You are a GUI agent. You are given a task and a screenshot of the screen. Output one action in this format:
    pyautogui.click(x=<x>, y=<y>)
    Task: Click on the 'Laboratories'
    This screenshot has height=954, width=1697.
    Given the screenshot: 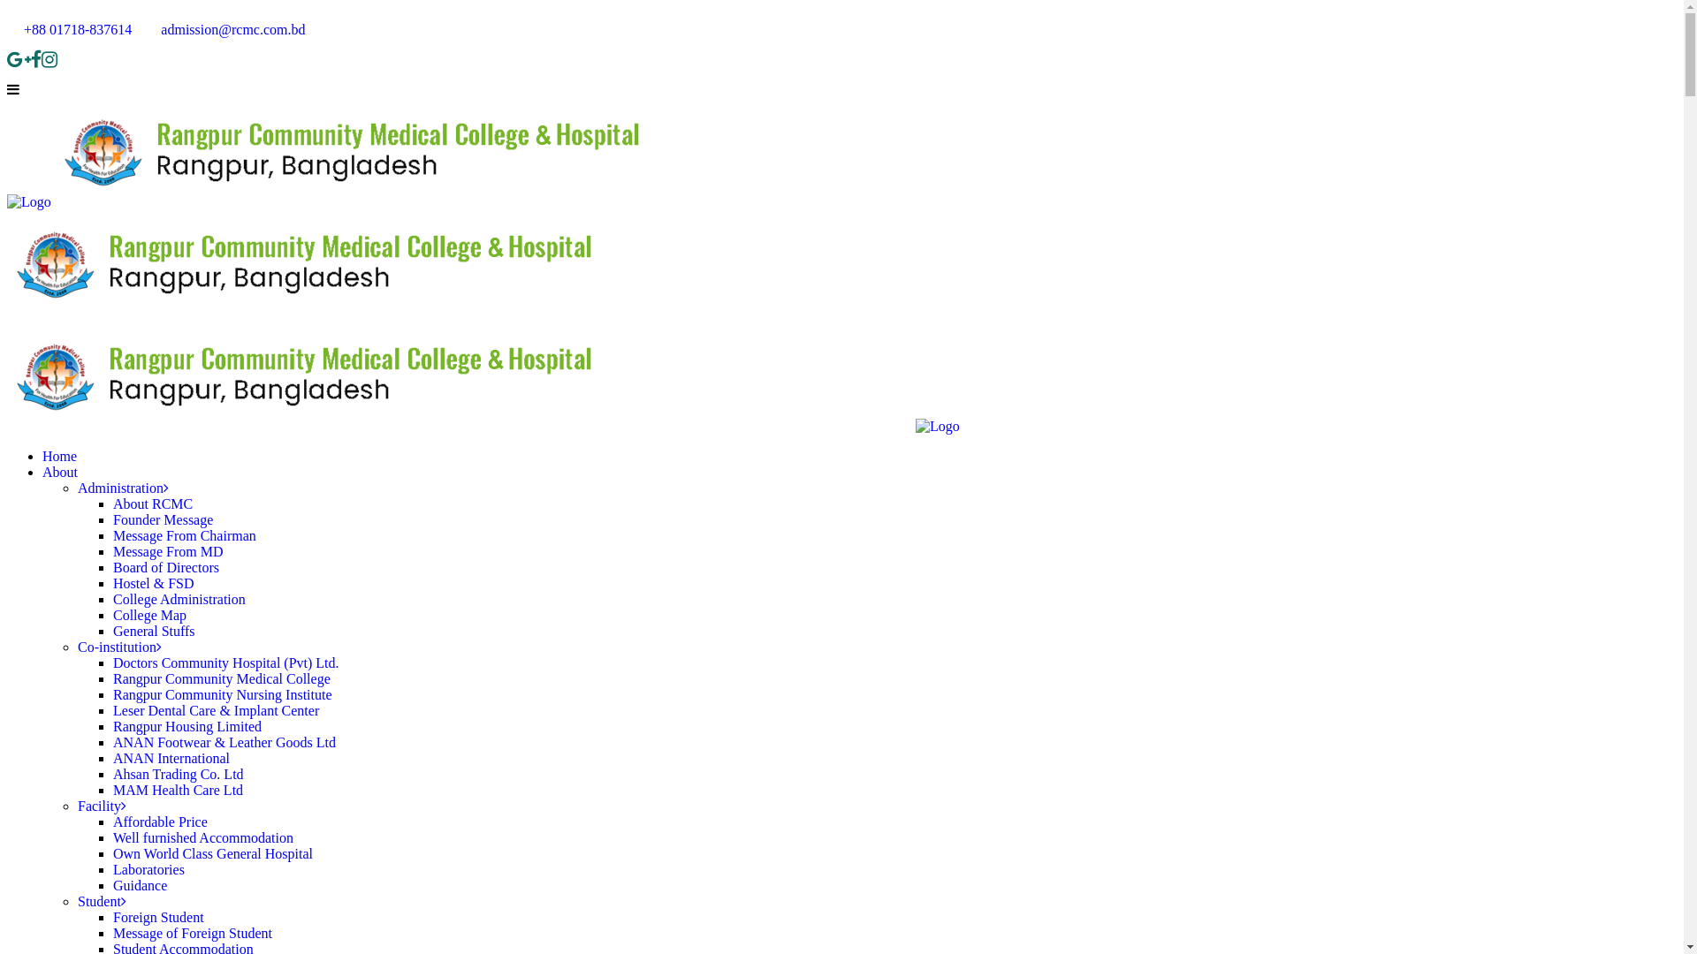 What is the action you would take?
    pyautogui.click(x=148, y=868)
    